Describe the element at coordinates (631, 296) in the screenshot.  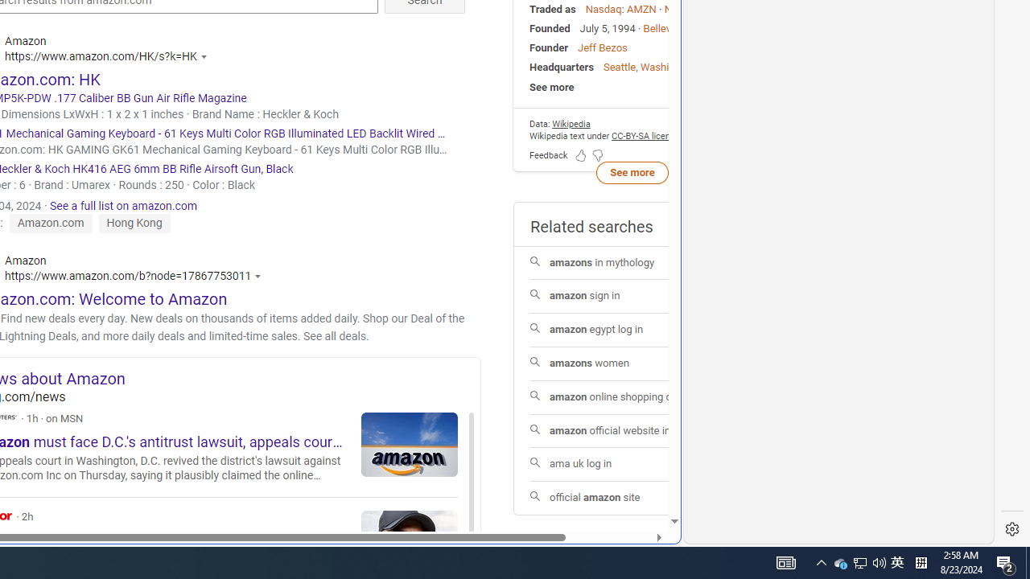
I see `'amazon sign in'` at that location.